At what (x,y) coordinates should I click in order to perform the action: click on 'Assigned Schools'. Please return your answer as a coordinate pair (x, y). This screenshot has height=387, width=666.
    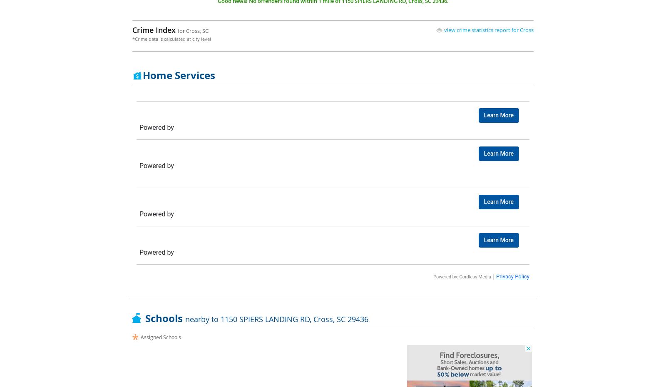
    Looking at the image, I should click on (140, 337).